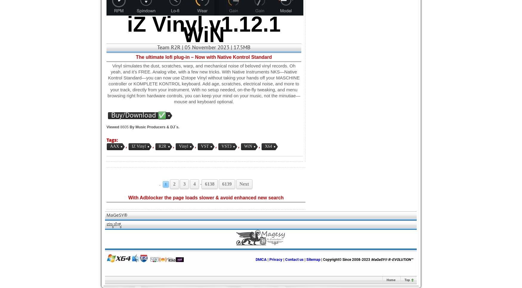 This screenshot has width=522, height=288. I want to click on '8605', so click(119, 127).